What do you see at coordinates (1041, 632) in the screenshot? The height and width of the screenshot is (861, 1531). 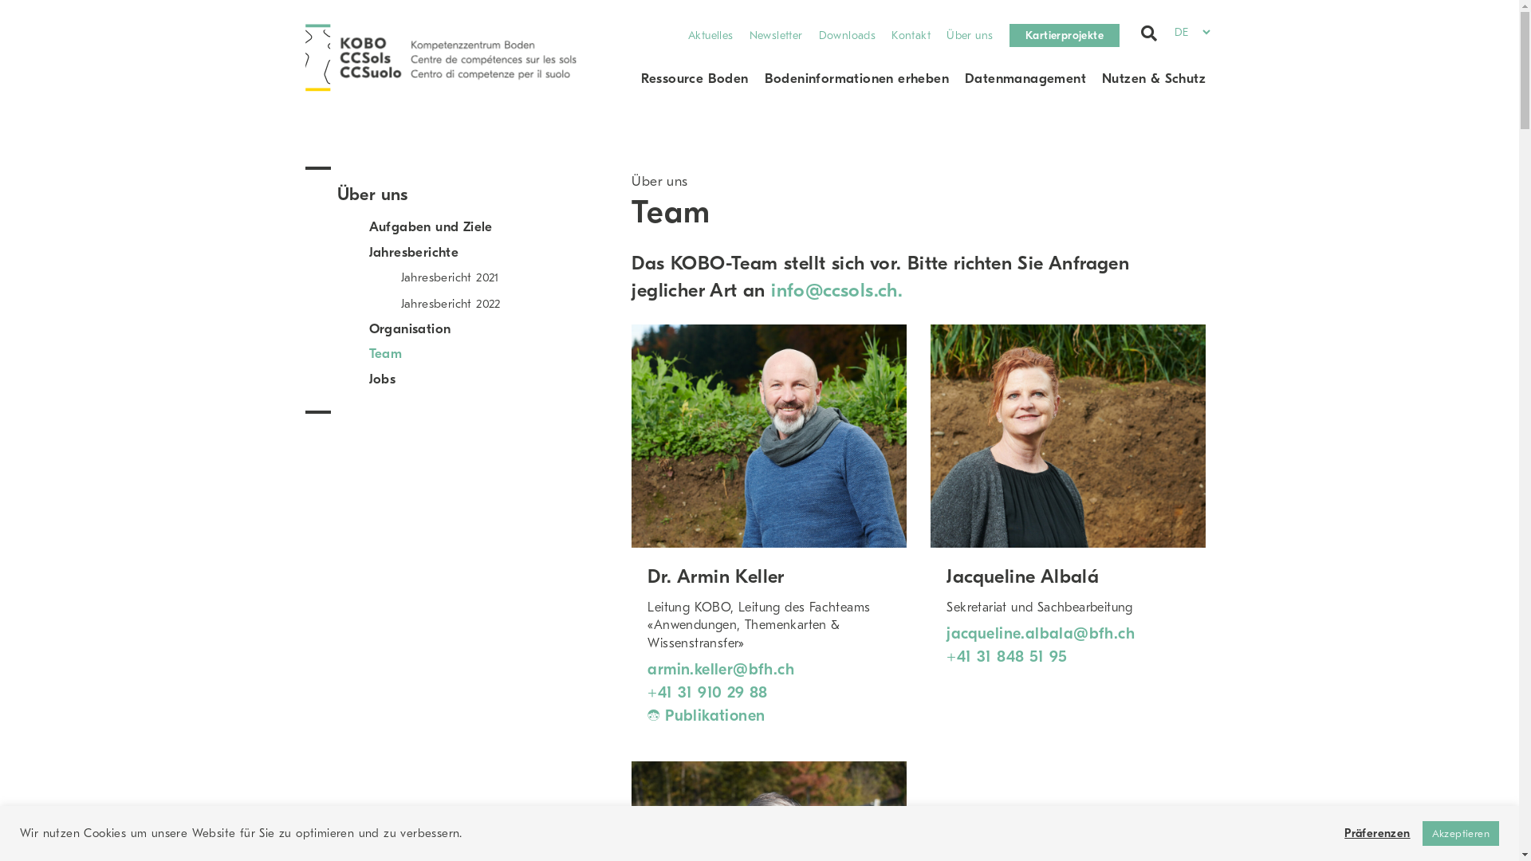 I see `'jacqueline.albala@bfh.ch'` at bounding box center [1041, 632].